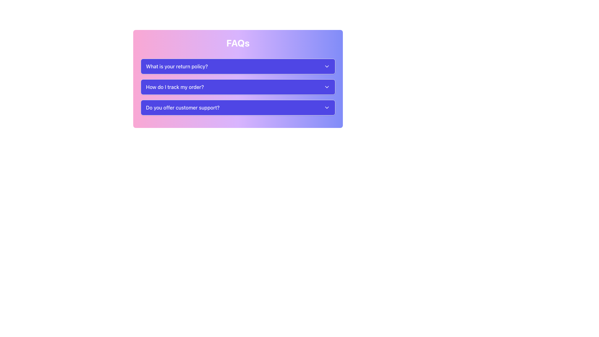 Image resolution: width=599 pixels, height=337 pixels. What do you see at coordinates (238, 87) in the screenshot?
I see `the second button in the 'FAQs' section that expands or collapses the detailed answer to 'How do I track my order?'` at bounding box center [238, 87].